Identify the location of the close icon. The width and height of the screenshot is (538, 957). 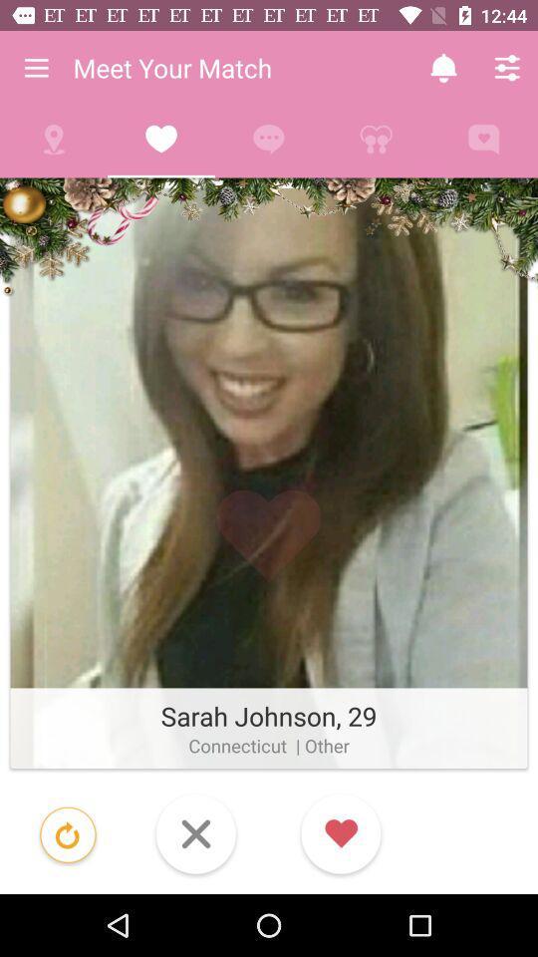
(195, 836).